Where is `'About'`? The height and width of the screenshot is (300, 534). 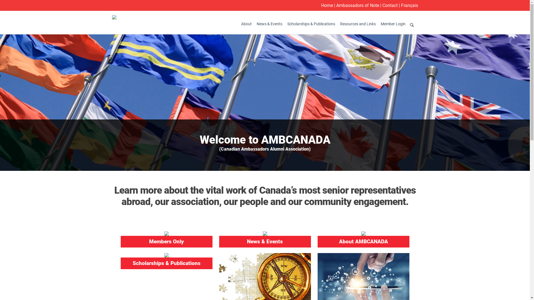
'About' is located at coordinates (239, 23).